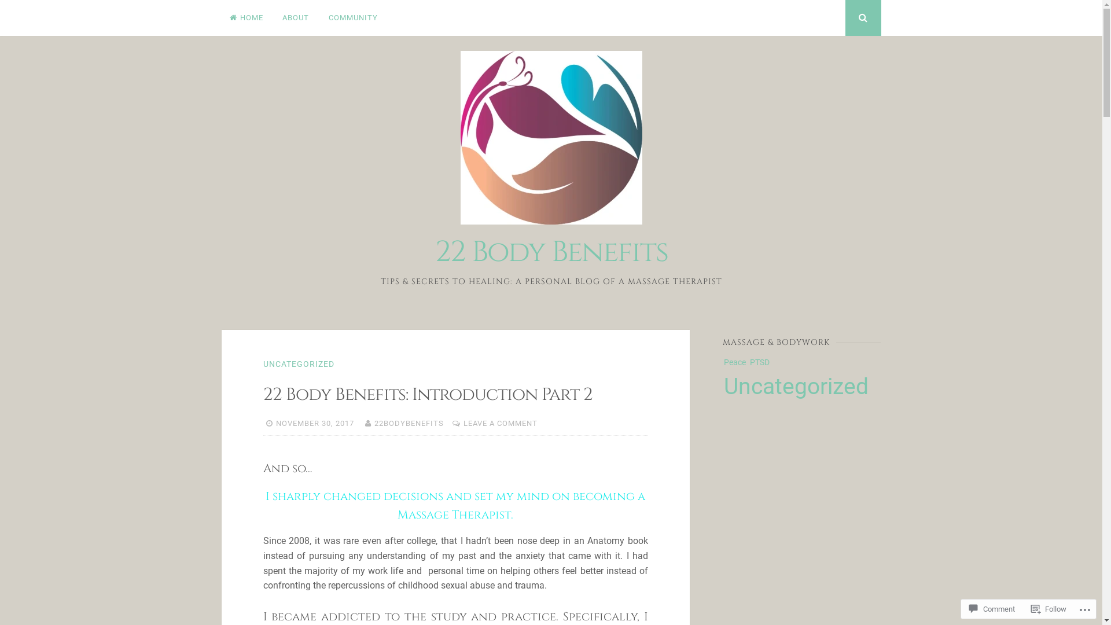  I want to click on 'UNCATEGORIZED', so click(262, 363).